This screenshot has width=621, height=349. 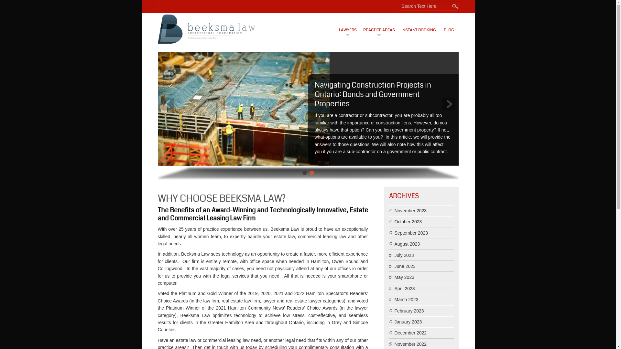 I want to click on 'February 2023', so click(x=409, y=310).